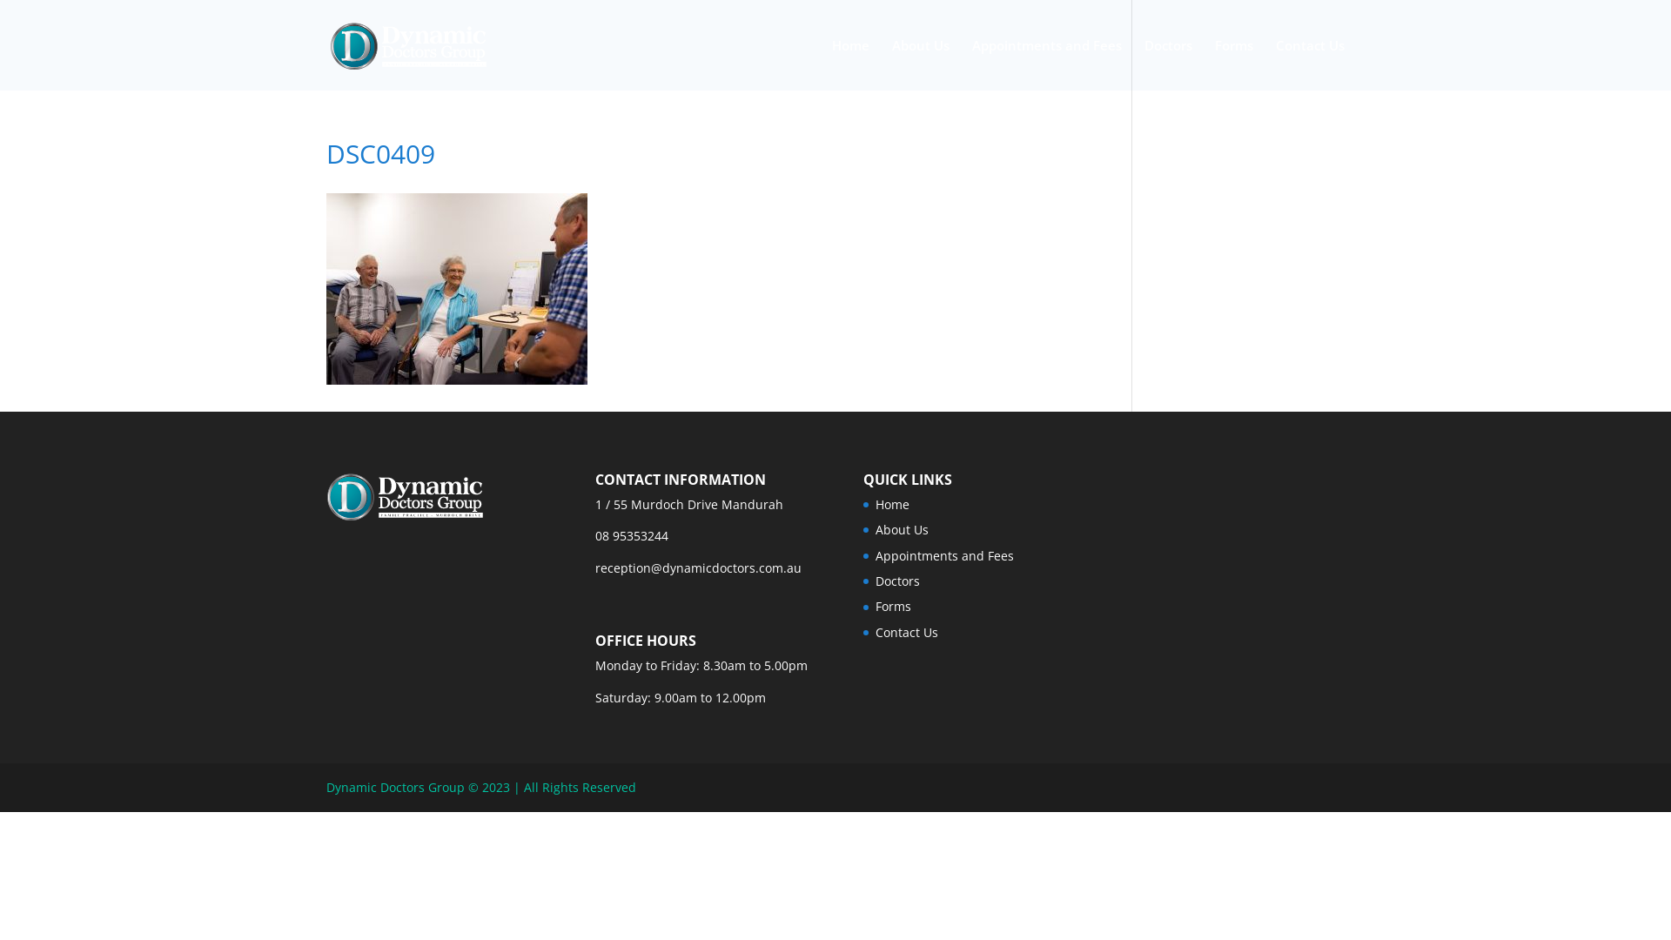 The width and height of the screenshot is (1671, 940). I want to click on 'Forms', so click(893, 605).